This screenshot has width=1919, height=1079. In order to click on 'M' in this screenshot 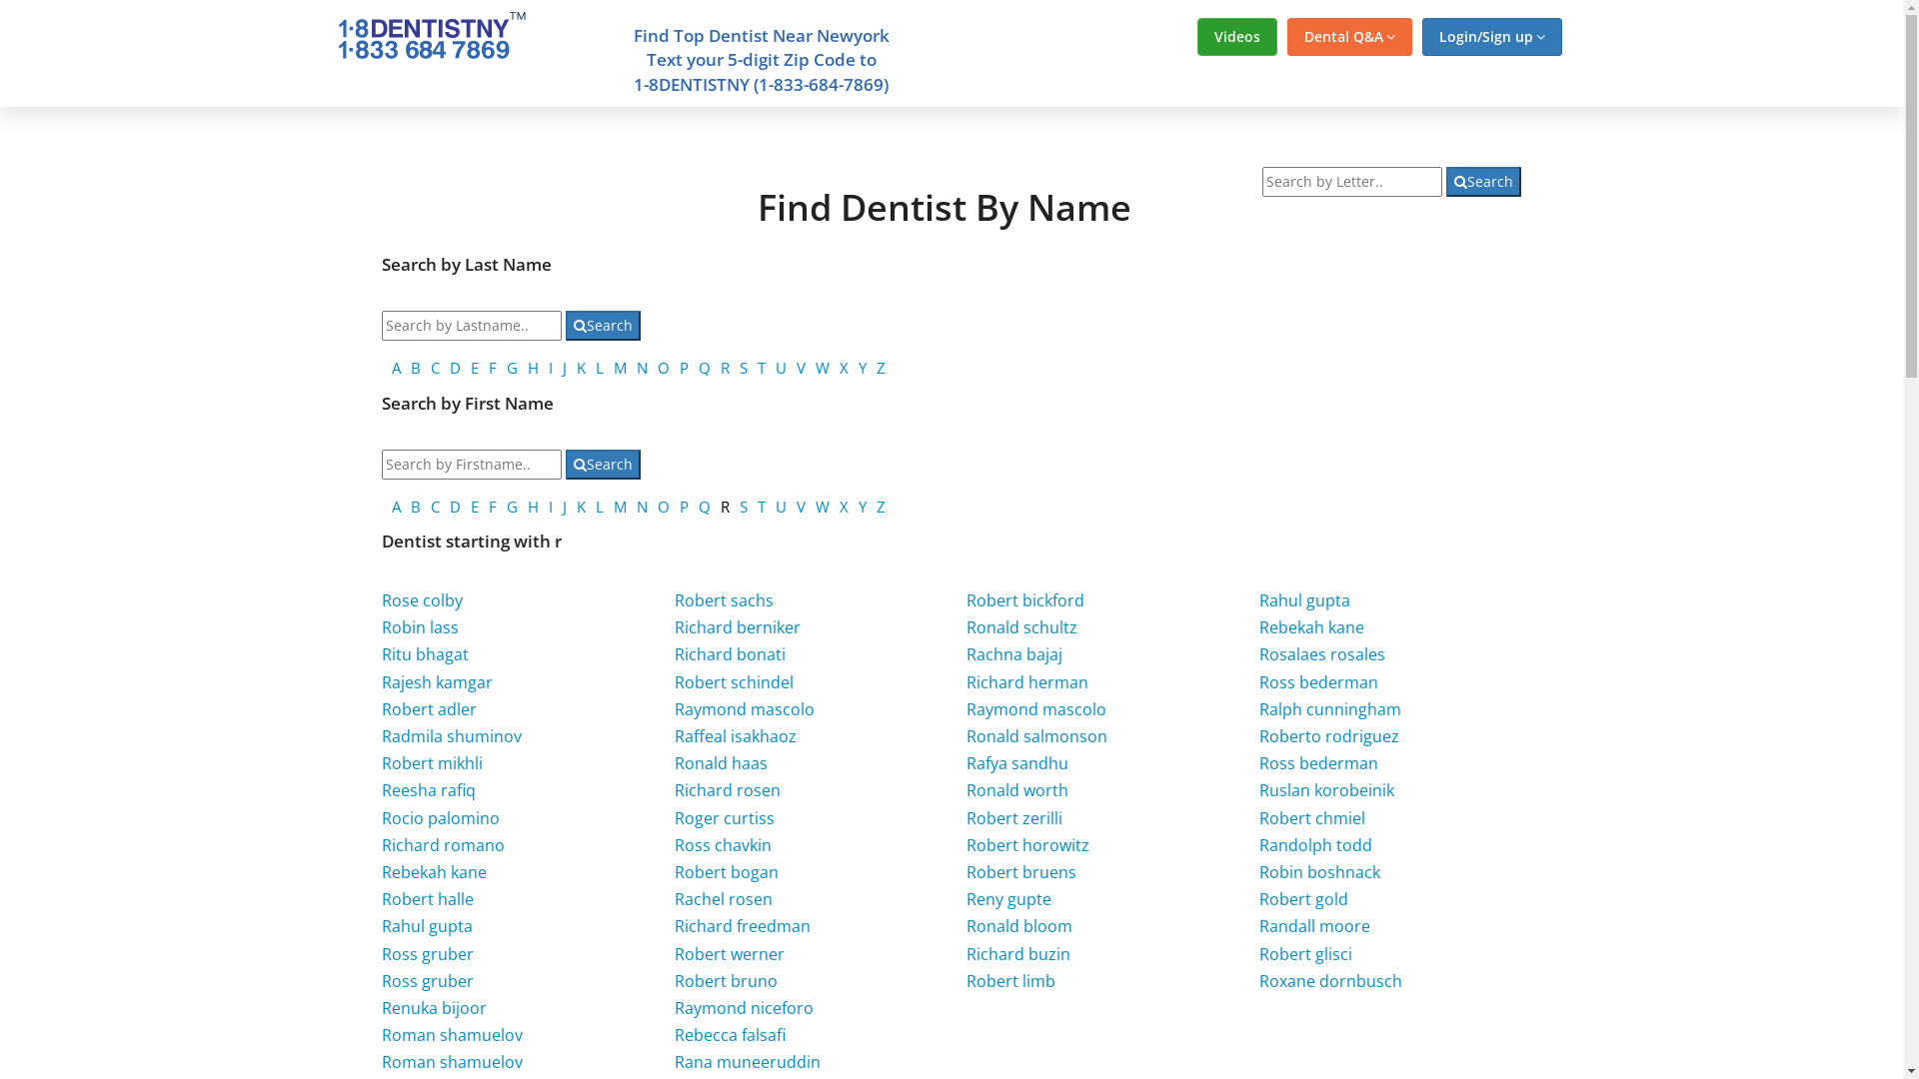, I will do `click(619, 505)`.